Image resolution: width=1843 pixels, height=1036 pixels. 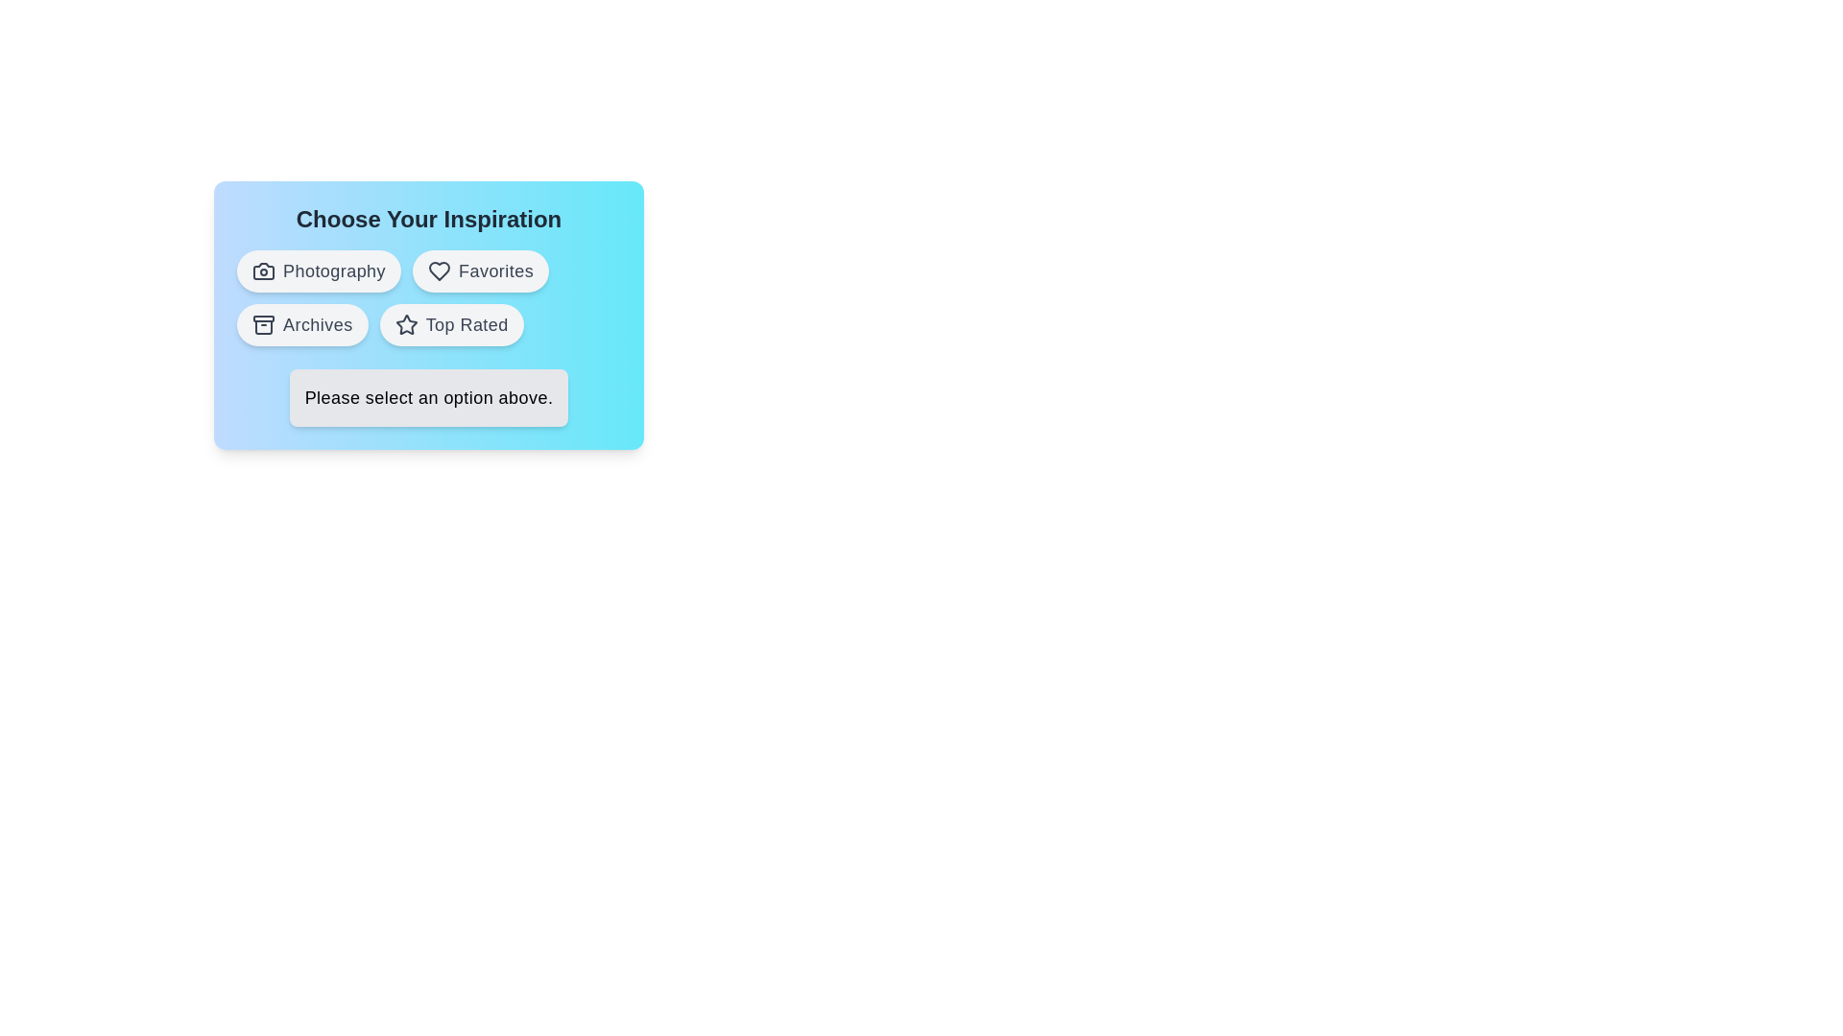 What do you see at coordinates (318, 324) in the screenshot?
I see `the 'Archives' button by clicking on the label that represents it, which is visually centered within the rounded rectangular button` at bounding box center [318, 324].